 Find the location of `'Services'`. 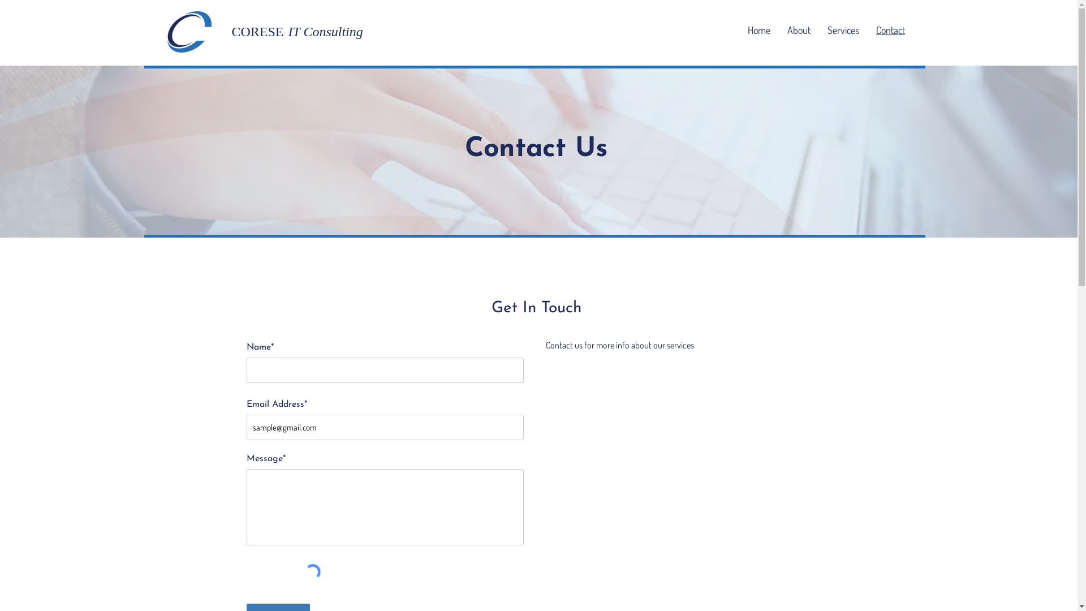

'Services' is located at coordinates (843, 29).